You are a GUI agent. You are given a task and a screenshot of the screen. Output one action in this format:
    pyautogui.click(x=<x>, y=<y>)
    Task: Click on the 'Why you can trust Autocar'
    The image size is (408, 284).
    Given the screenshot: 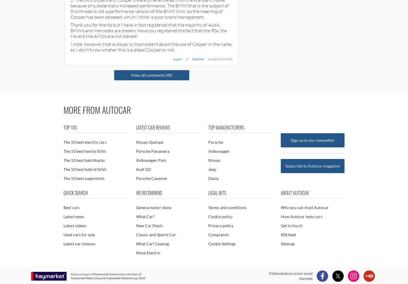 What is the action you would take?
    pyautogui.click(x=304, y=207)
    